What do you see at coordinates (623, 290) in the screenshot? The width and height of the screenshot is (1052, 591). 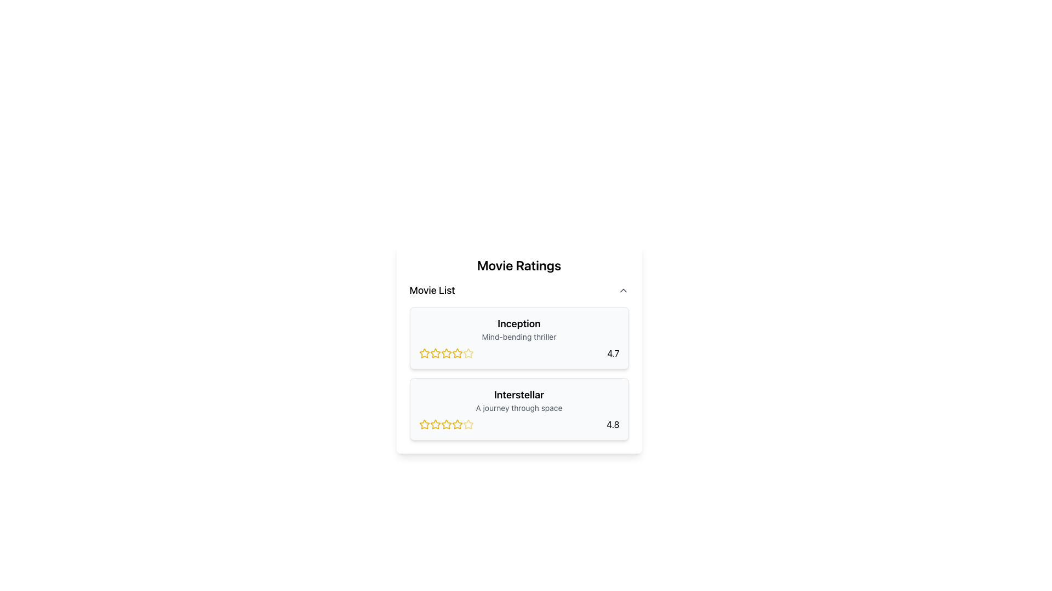 I see `the small upward-pointing chevron icon, which is an outlined vector graphic in gray, located to the right of the text 'Movie List'` at bounding box center [623, 290].